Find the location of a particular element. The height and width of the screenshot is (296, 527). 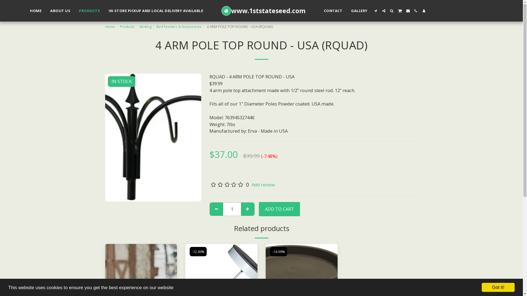

'Home' is located at coordinates (105, 26).